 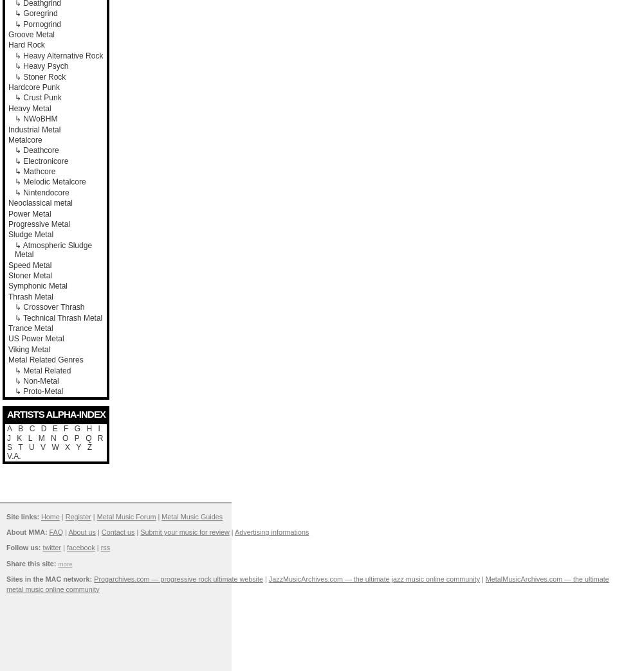 What do you see at coordinates (373, 578) in the screenshot?
I see `'JazzMusicArchives.com — the ultimate jazz music online community'` at bounding box center [373, 578].